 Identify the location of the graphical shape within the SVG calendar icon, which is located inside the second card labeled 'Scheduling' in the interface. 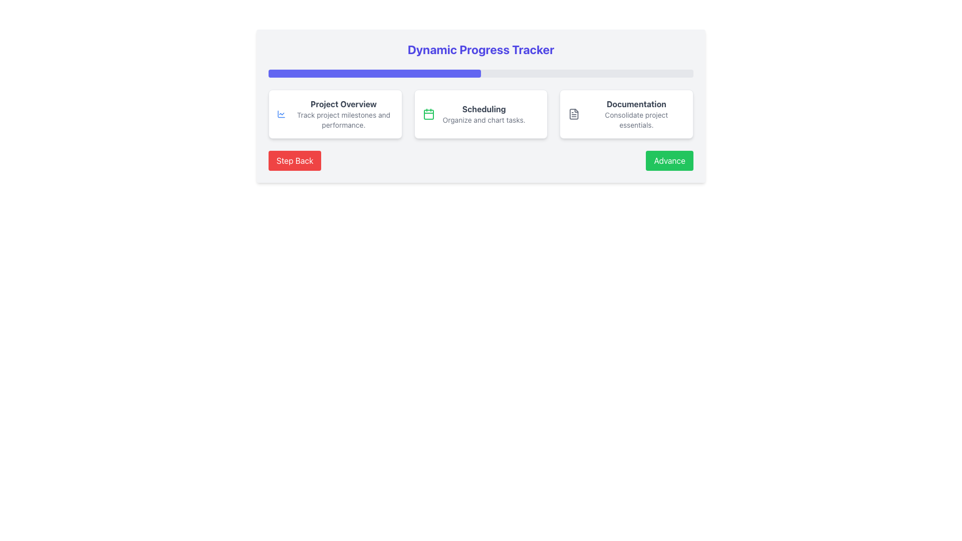
(428, 114).